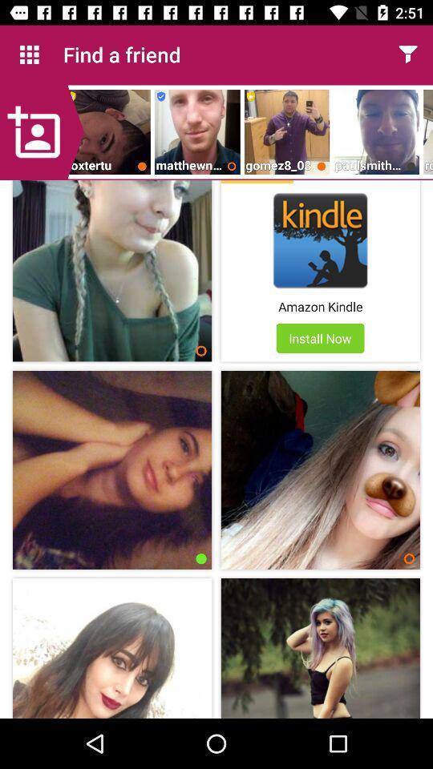 The height and width of the screenshot is (769, 433). Describe the element at coordinates (320, 240) in the screenshot. I see `install kindle` at that location.